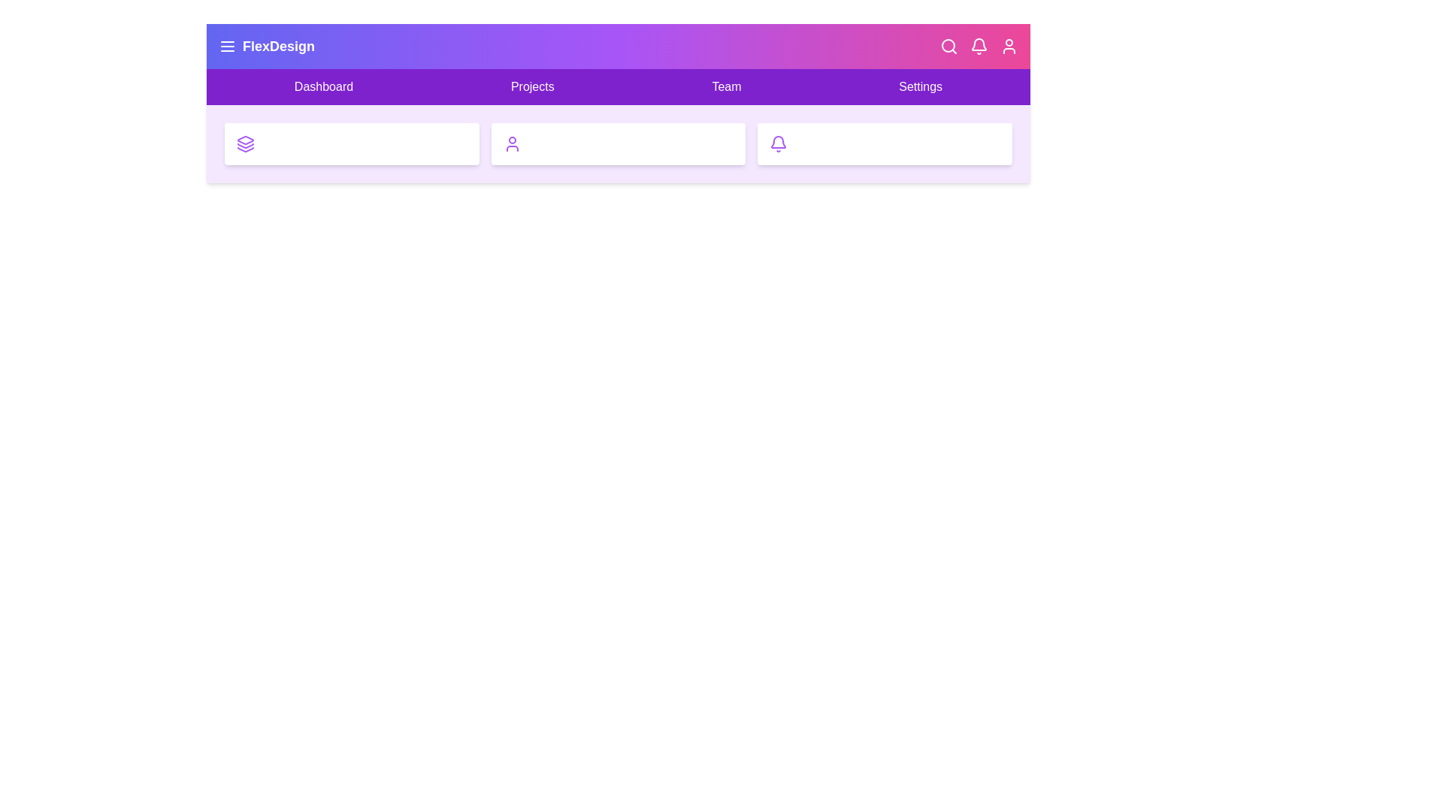 This screenshot has width=1443, height=811. Describe the element at coordinates (979, 45) in the screenshot. I see `the Bell icon in the top bar` at that location.